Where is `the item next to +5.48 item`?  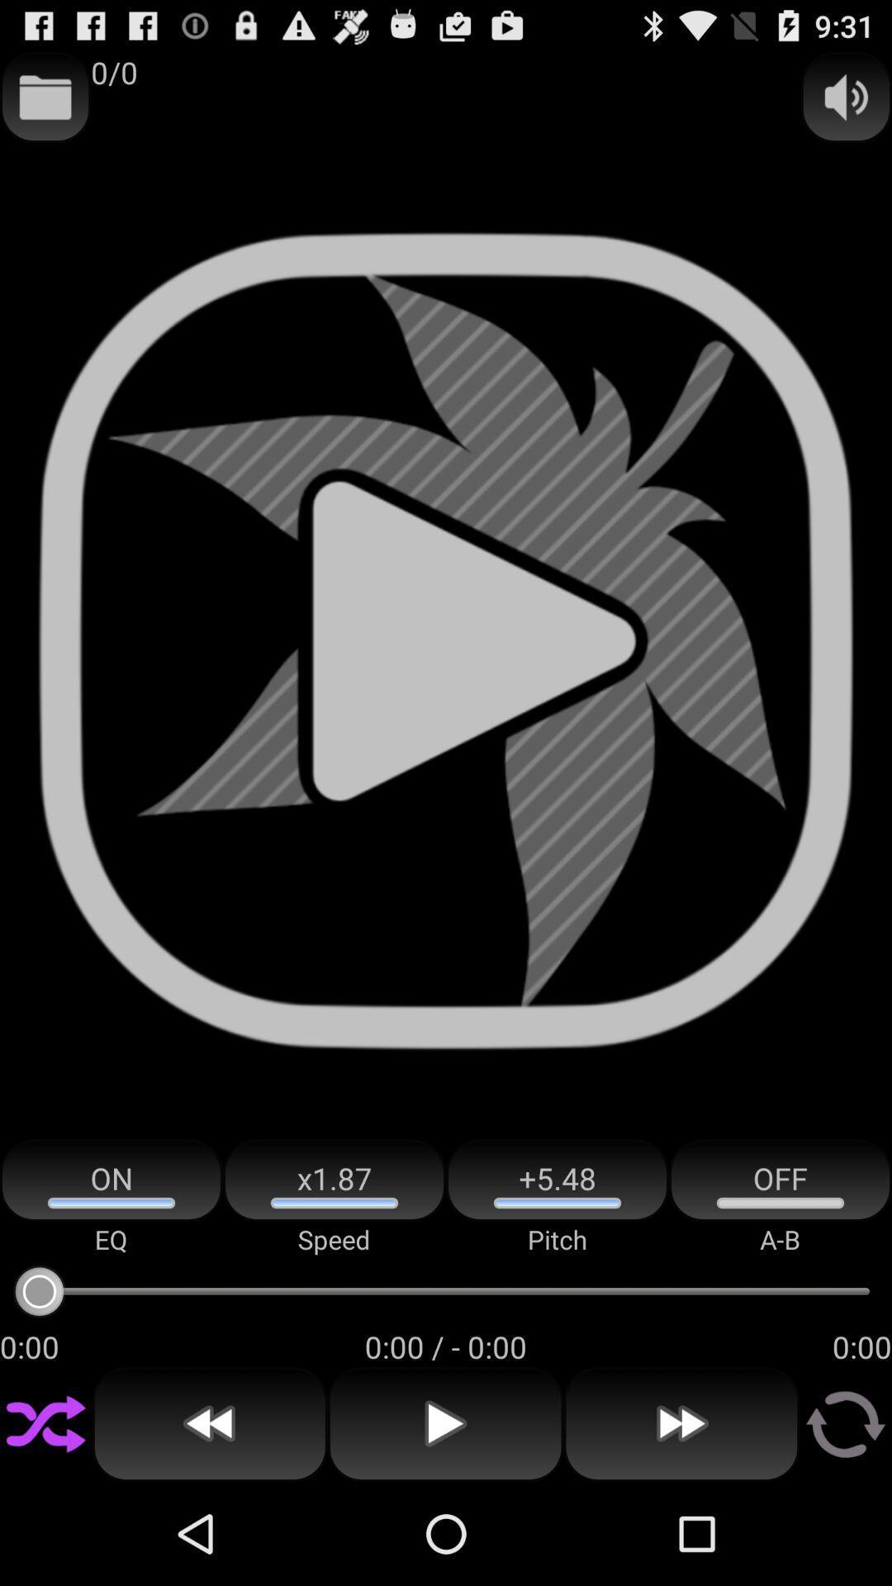
the item next to +5.48 item is located at coordinates (334, 1180).